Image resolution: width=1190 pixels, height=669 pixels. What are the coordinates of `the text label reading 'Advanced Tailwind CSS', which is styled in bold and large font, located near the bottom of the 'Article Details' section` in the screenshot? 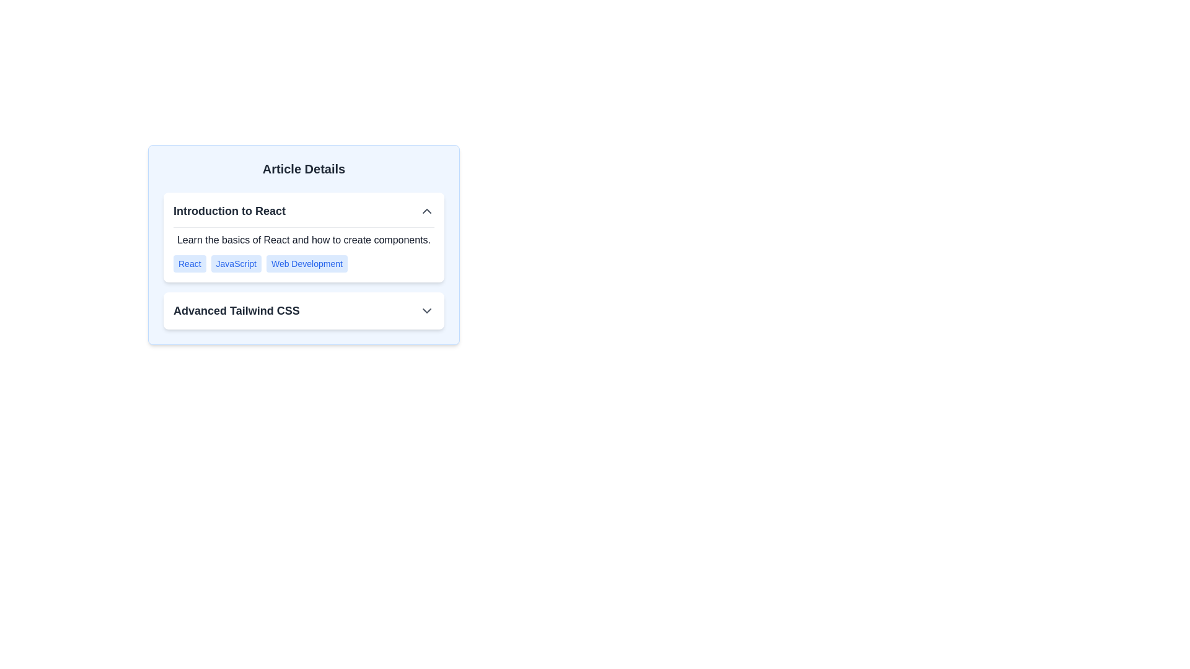 It's located at (236, 310).